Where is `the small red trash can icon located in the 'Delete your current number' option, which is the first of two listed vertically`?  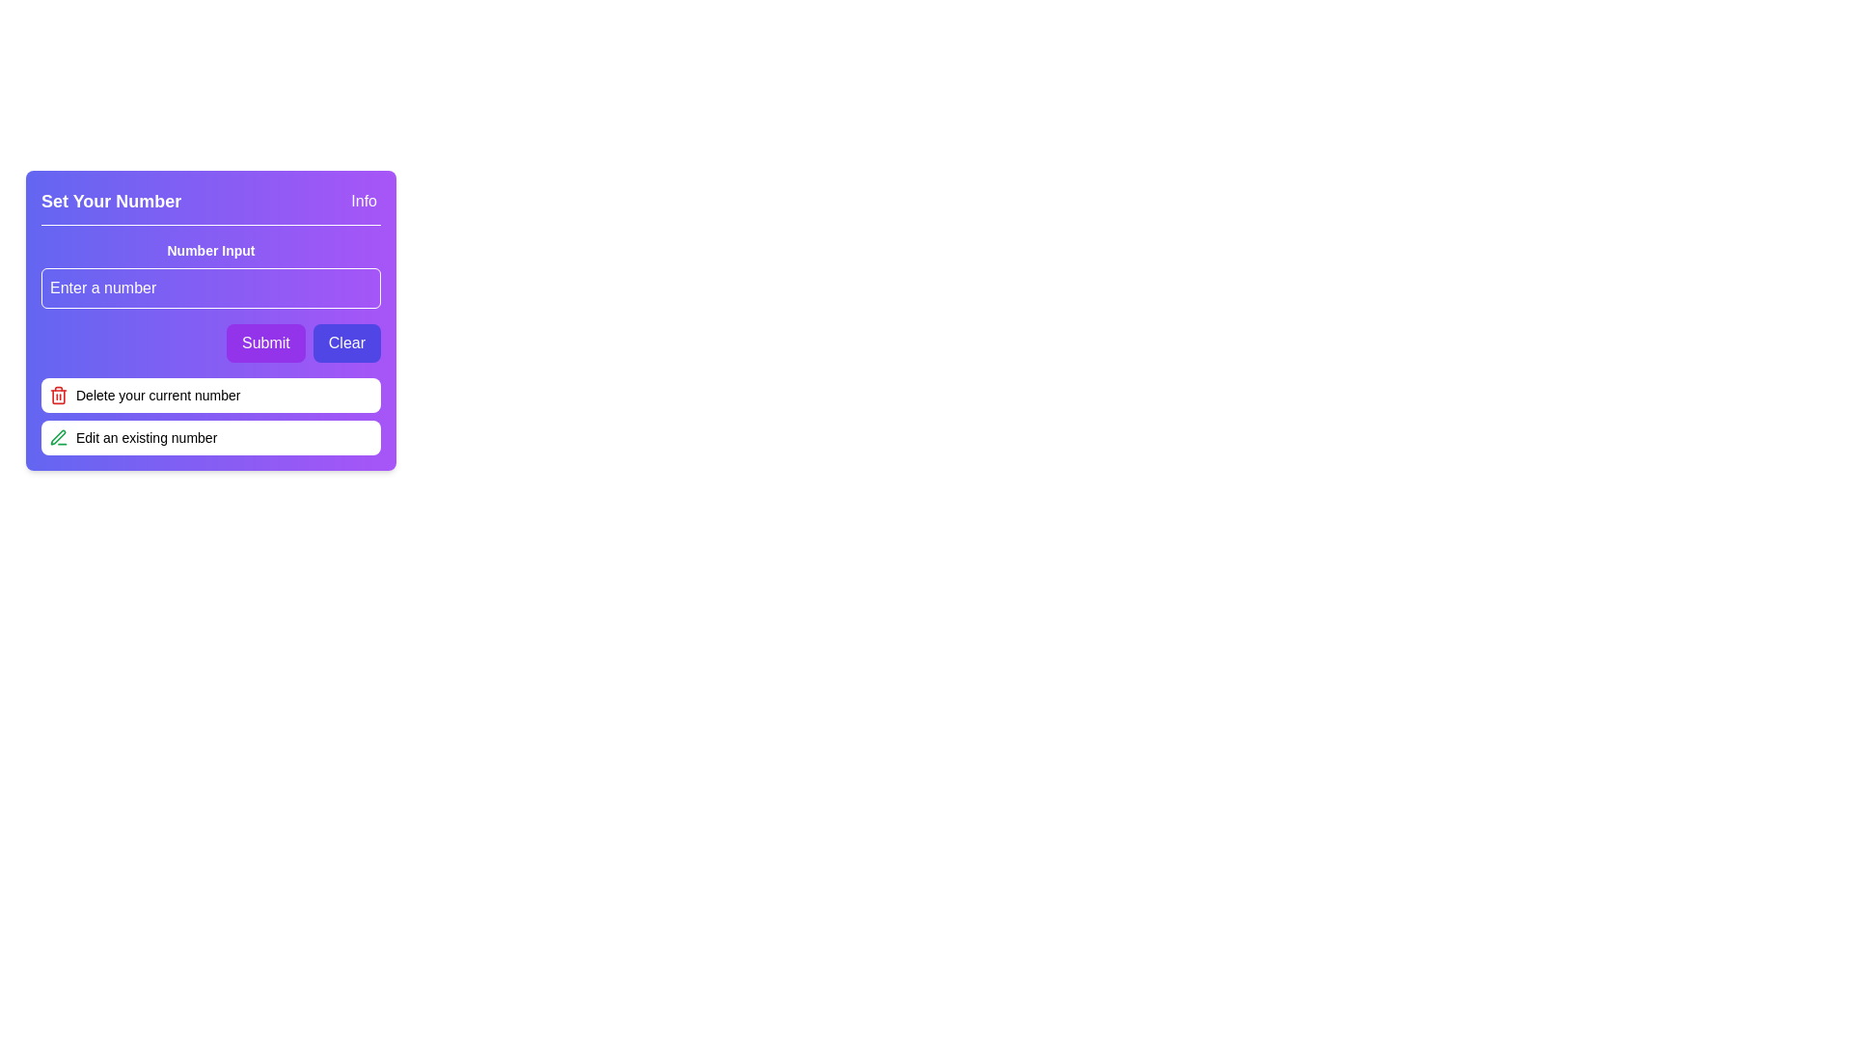 the small red trash can icon located in the 'Delete your current number' option, which is the first of two listed vertically is located at coordinates (59, 394).